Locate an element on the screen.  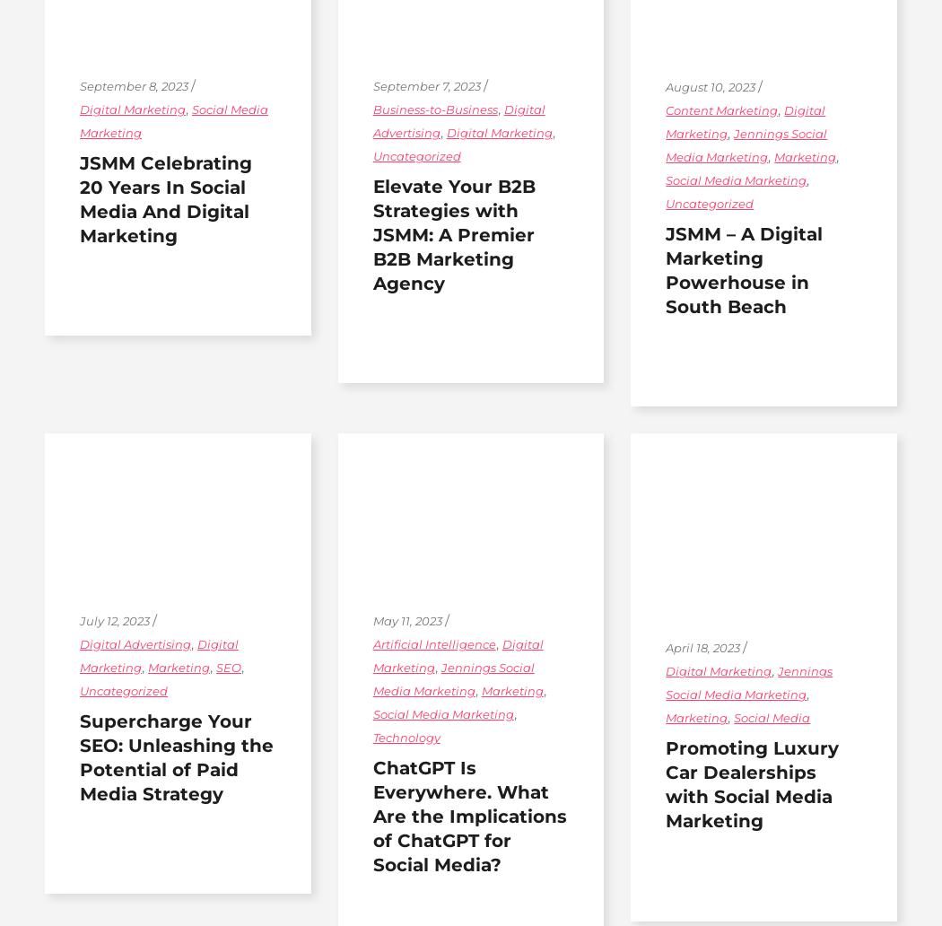
'Social Media' is located at coordinates (772, 718).